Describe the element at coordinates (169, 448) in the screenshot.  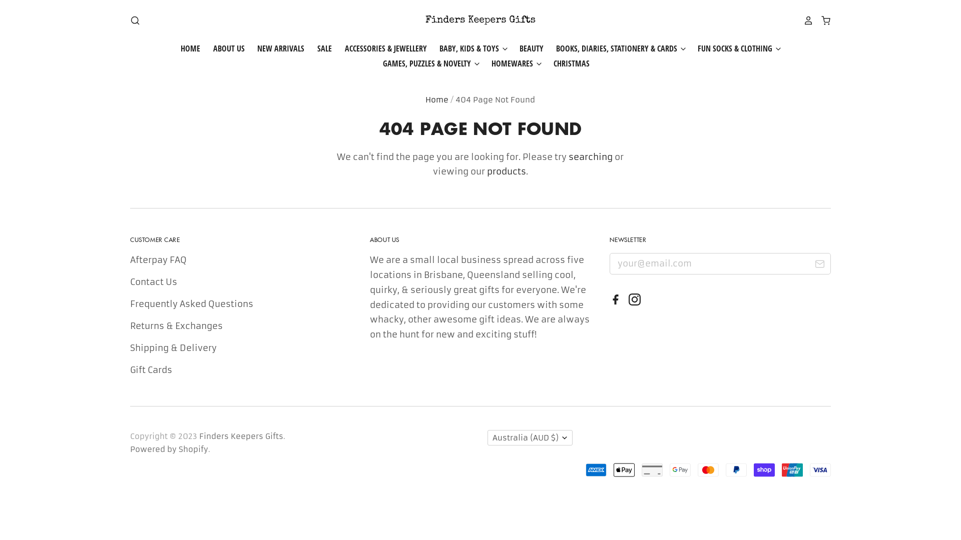
I see `'Powered by Shopify'` at that location.